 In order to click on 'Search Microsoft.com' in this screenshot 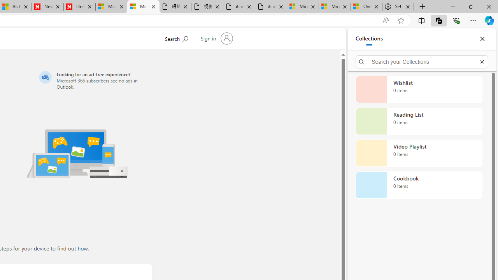, I will do `click(176, 38)`.